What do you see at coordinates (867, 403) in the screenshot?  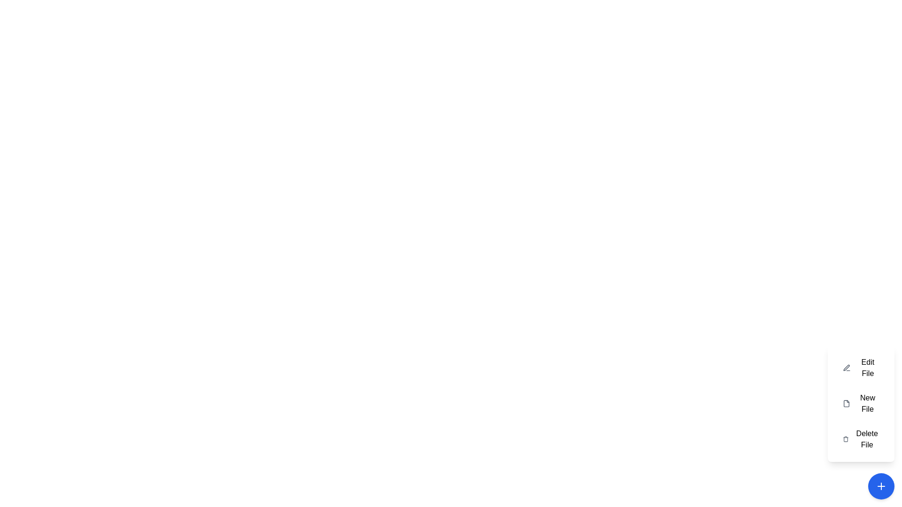 I see `the second menu item in the context menu` at bounding box center [867, 403].